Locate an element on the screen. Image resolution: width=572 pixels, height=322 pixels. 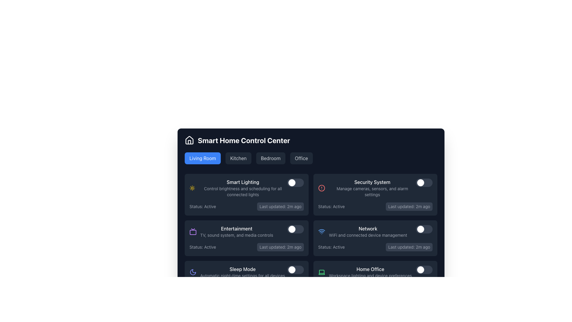
the outermost arc of the Wi-Fi signal icon in the 'Network' section of the smart home interface, which visually represents network connectivity is located at coordinates (321, 230).